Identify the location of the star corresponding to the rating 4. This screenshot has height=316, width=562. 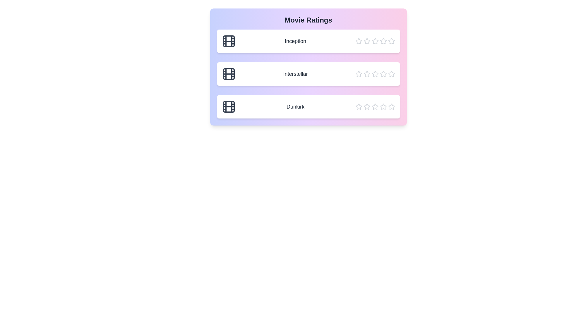
(383, 41).